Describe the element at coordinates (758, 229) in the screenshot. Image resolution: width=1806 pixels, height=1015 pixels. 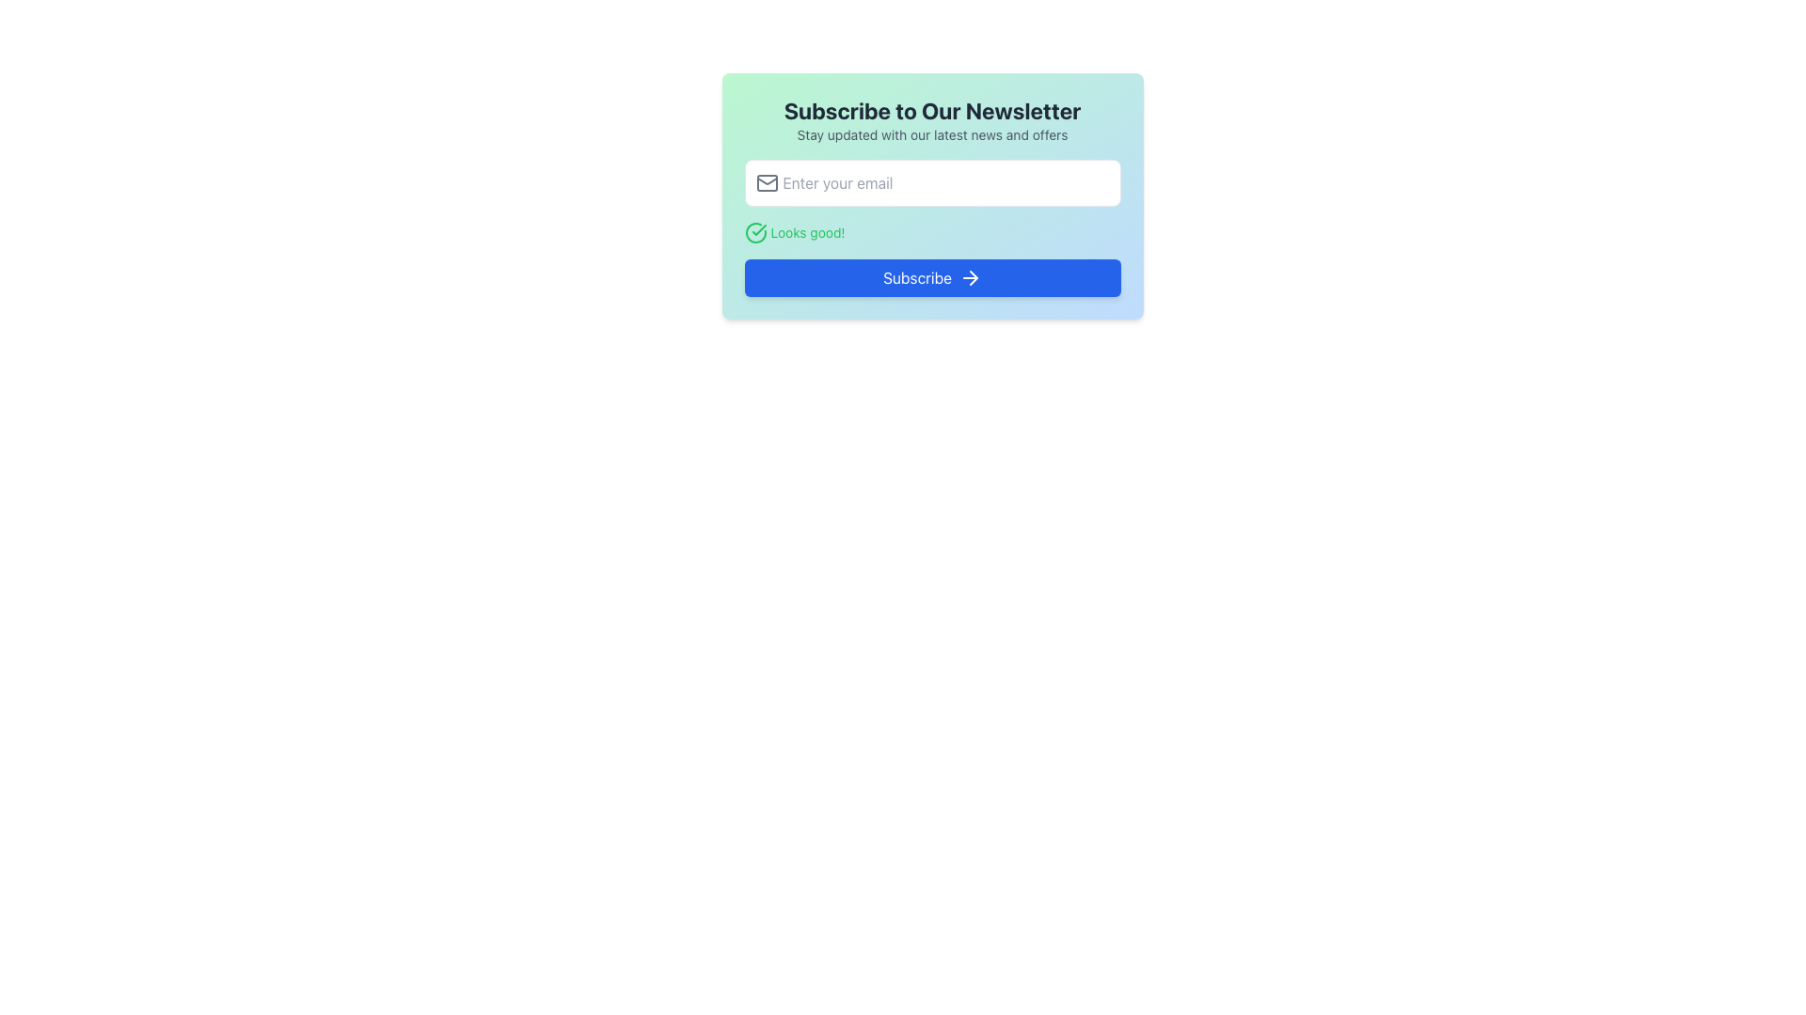
I see `the checkmark icon within the SVG group that indicates success for the email input validation, positioned left of the 'Looks good!' text` at that location.